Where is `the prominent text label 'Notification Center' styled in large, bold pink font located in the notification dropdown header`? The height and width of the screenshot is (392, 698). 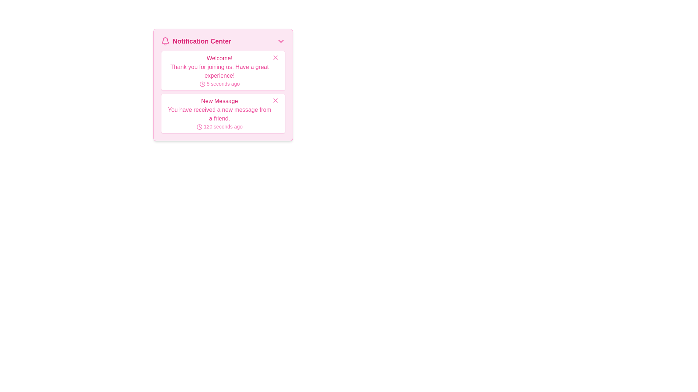 the prominent text label 'Notification Center' styled in large, bold pink font located in the notification dropdown header is located at coordinates (202, 41).